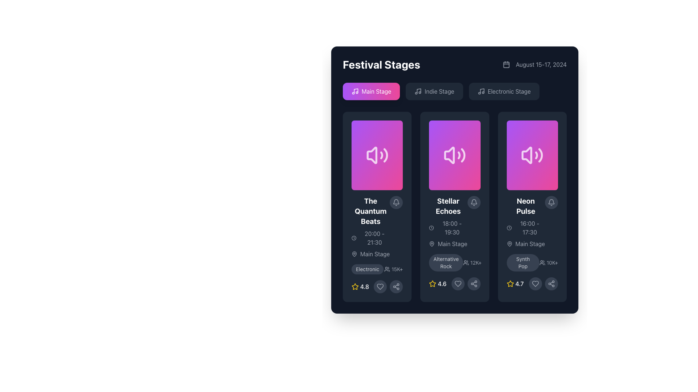 This screenshot has width=698, height=392. I want to click on the circular button with a dark gray background and a white heart icon, which is the second button in the row of action buttons below the 'Stellar Echoes' event card, so click(457, 283).